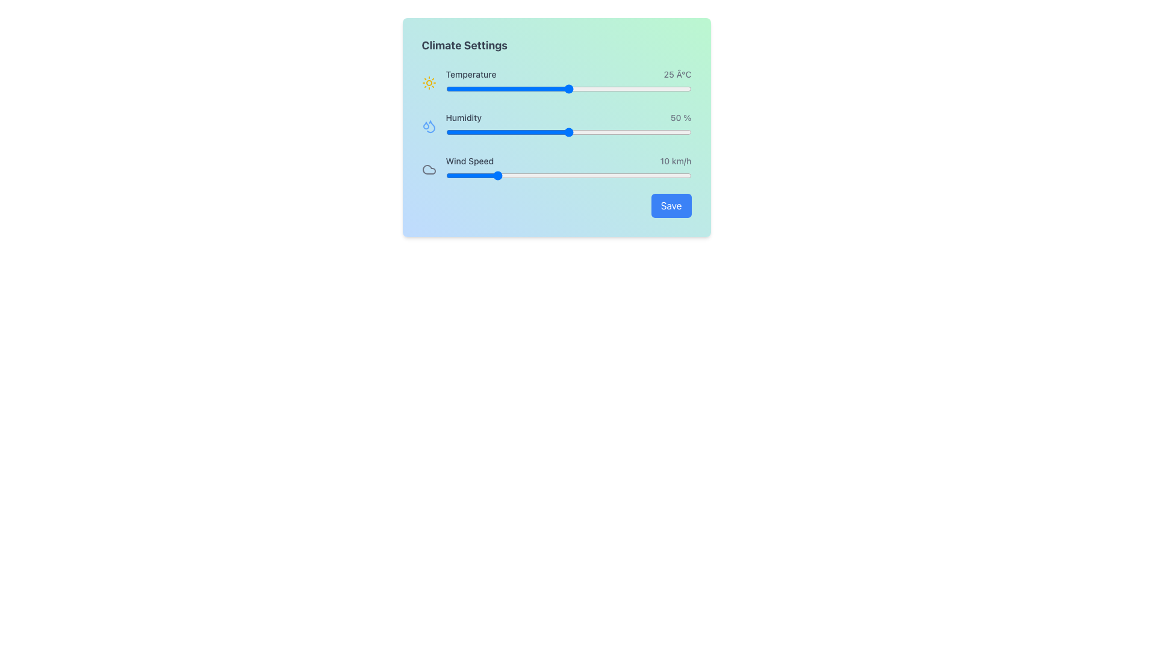  Describe the element at coordinates (651, 132) in the screenshot. I see `the humidity` at that location.